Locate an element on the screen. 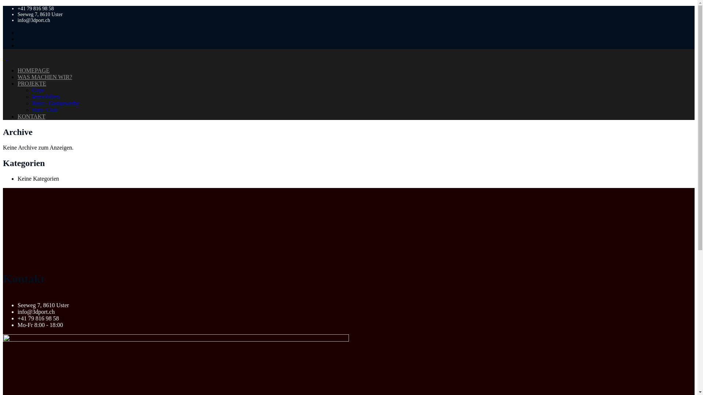 The image size is (703, 395). 'KONTAKT' is located at coordinates (31, 116).